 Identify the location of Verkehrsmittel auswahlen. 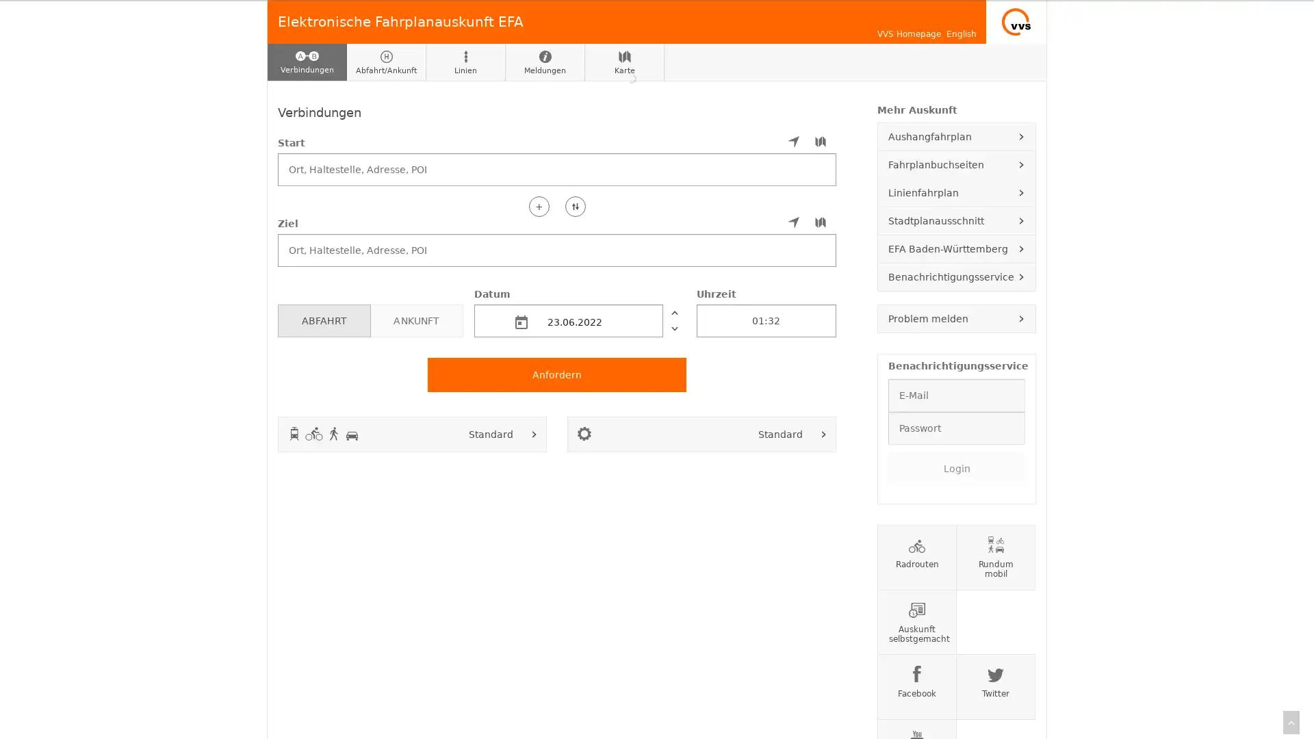
(534, 433).